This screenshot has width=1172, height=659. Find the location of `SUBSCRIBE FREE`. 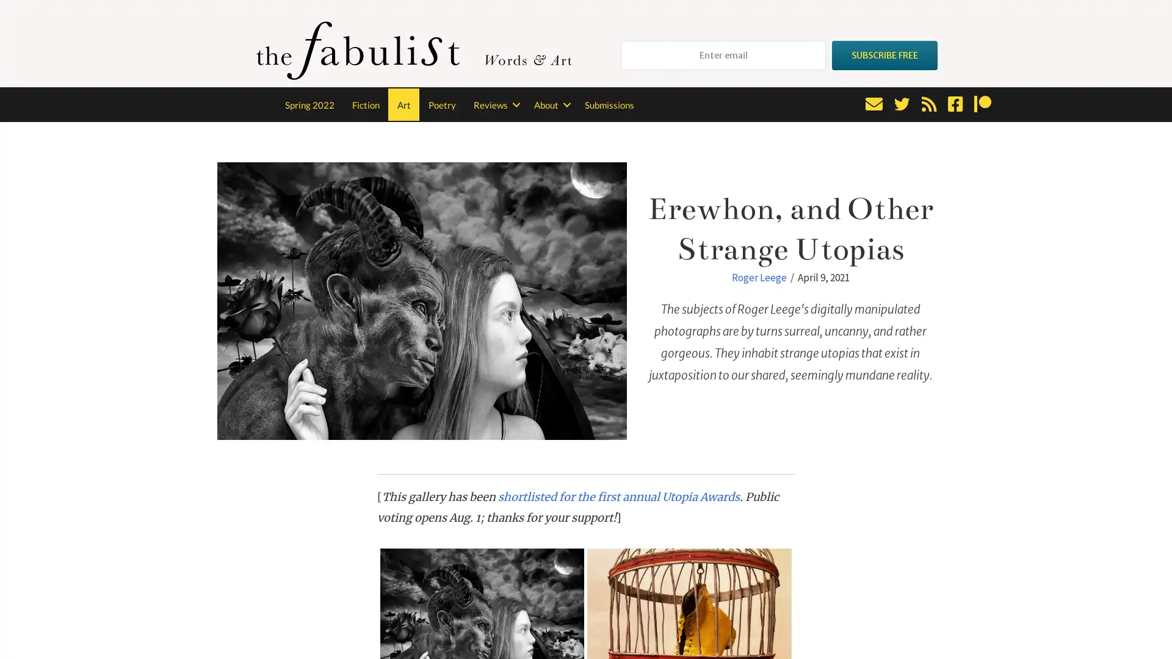

SUBSCRIBE FREE is located at coordinates (884, 54).